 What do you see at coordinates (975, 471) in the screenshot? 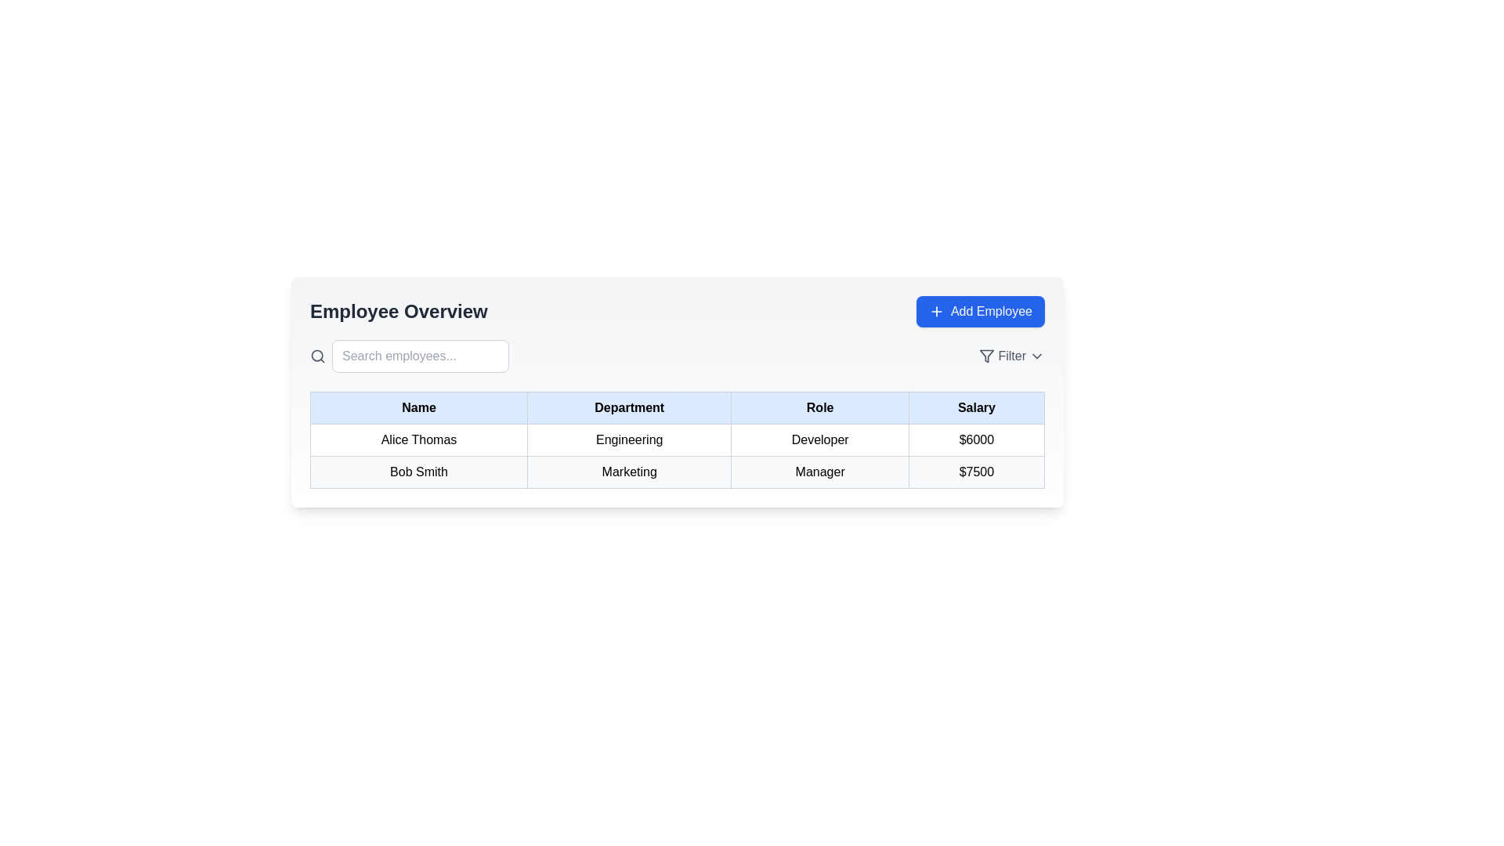
I see `the table cell displaying the text '$7500', which is the fourth column in the second row under the 'Salary' header for employee 'Bob Smith'` at bounding box center [975, 471].